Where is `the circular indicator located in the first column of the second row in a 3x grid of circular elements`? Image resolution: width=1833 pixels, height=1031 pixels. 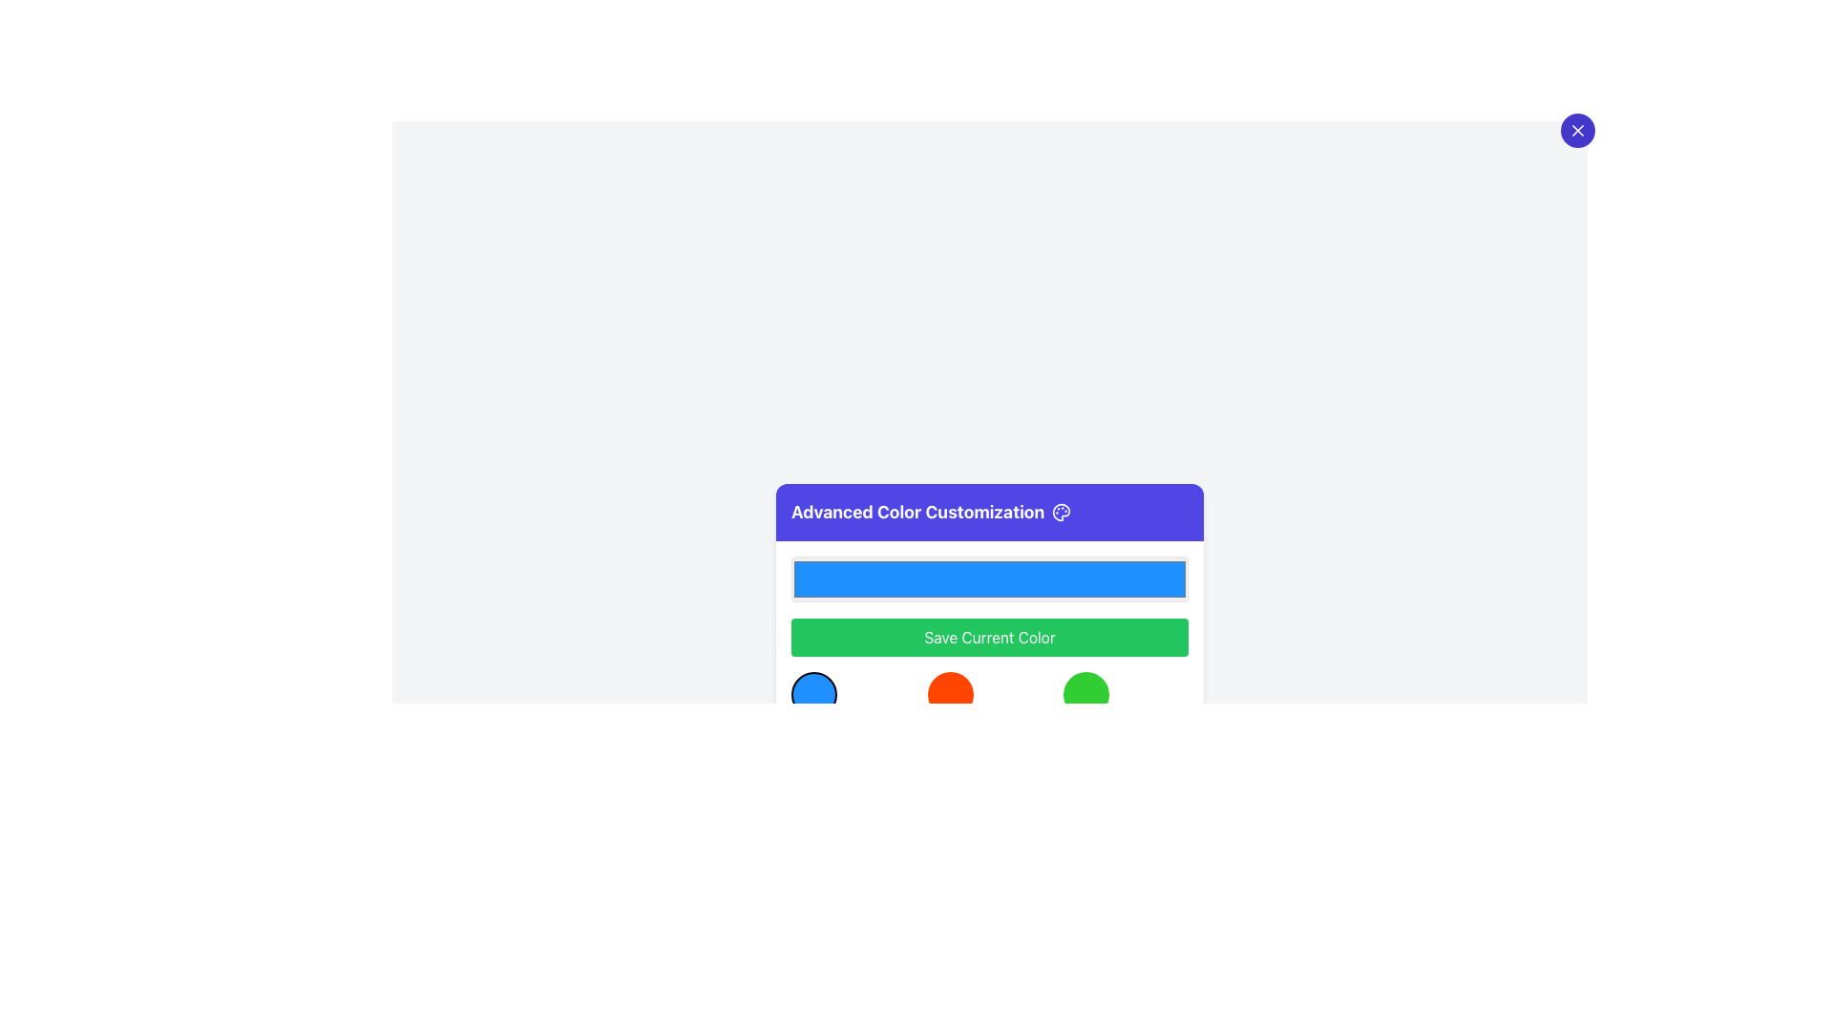 the circular indicator located in the first column of the second row in a 3x grid of circular elements is located at coordinates (814, 750).